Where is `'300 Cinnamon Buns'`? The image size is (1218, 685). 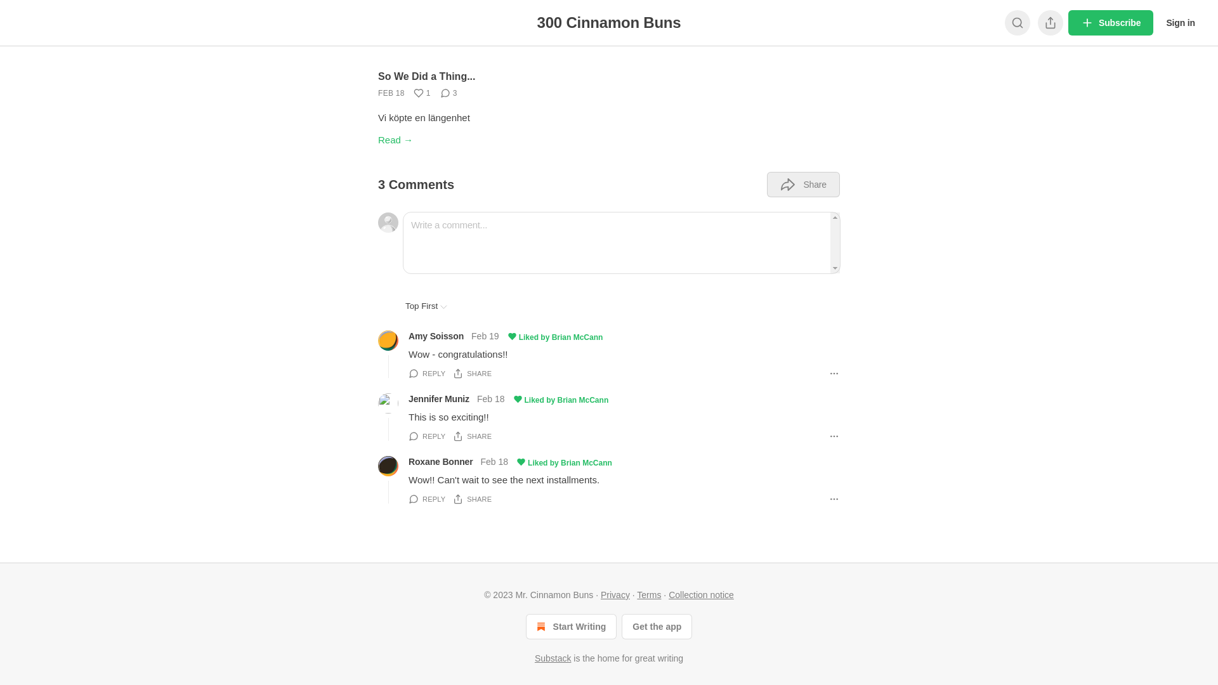 '300 Cinnamon Buns' is located at coordinates (609, 22).